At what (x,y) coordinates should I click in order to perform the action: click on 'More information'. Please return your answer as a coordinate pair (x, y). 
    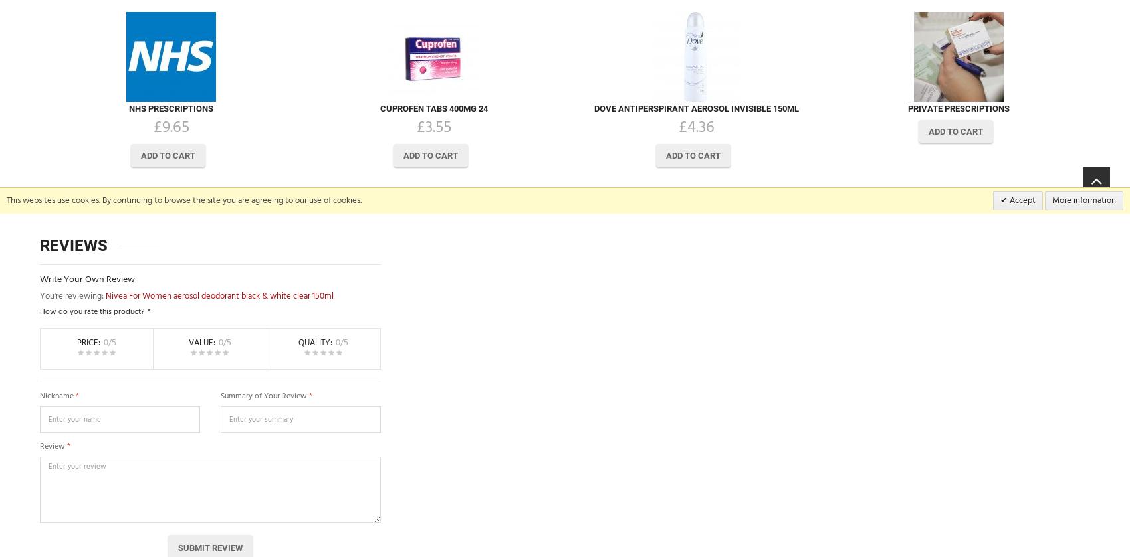
    Looking at the image, I should click on (1083, 200).